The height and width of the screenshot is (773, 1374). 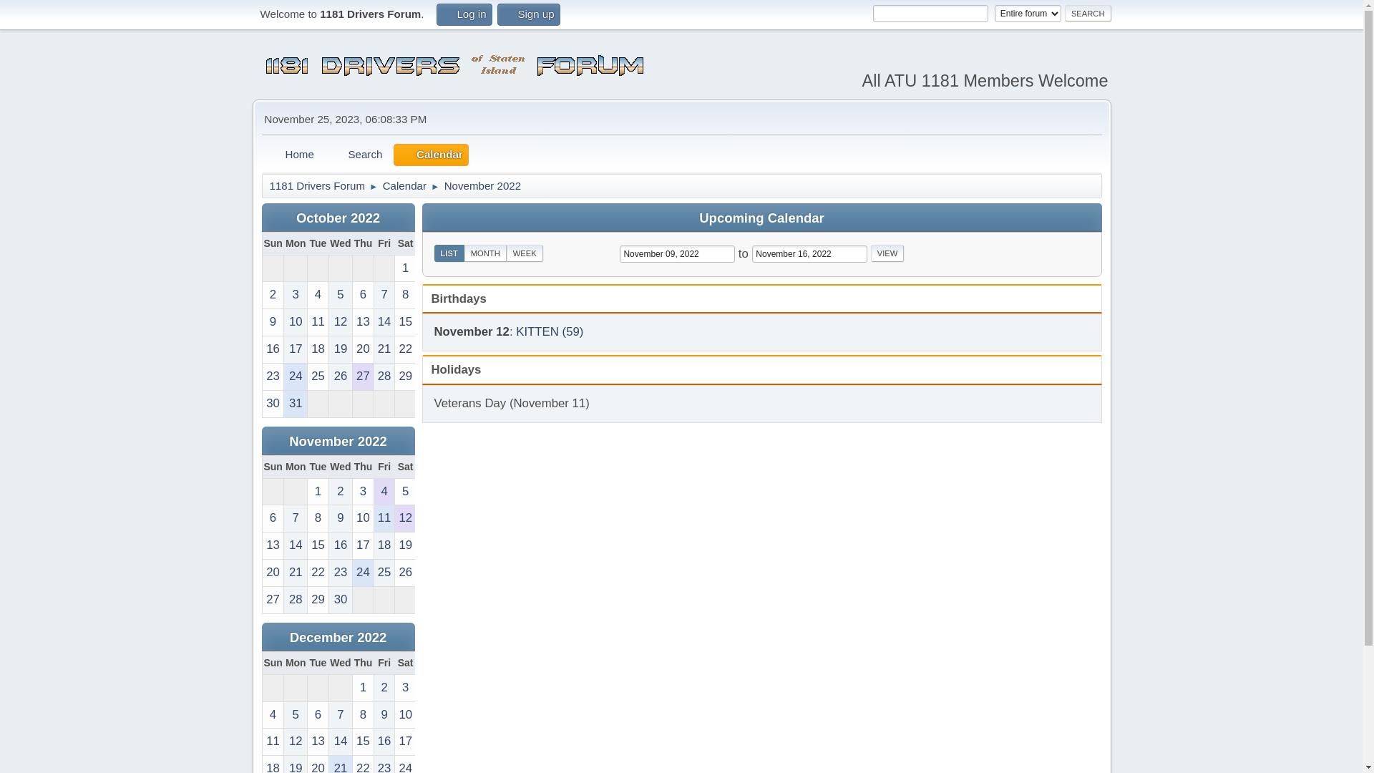 I want to click on '1', so click(x=363, y=687).